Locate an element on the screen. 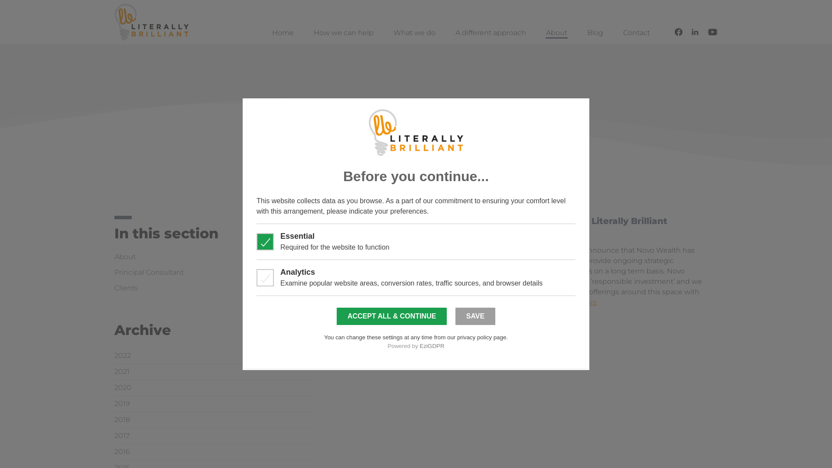  'Novo Wealth Appoints Literally Brilliant' is located at coordinates (575, 220).